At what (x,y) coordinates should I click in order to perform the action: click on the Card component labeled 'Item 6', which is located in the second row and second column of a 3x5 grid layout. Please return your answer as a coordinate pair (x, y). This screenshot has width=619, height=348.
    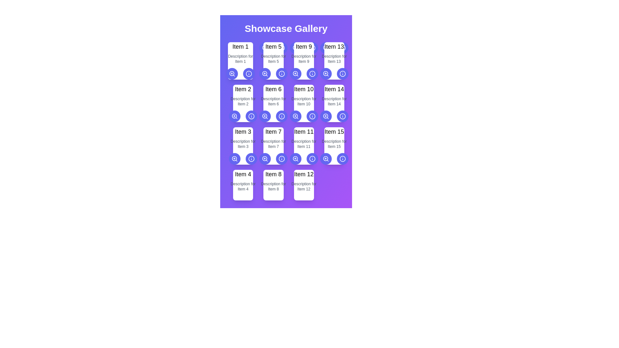
    Looking at the image, I should click on (273, 103).